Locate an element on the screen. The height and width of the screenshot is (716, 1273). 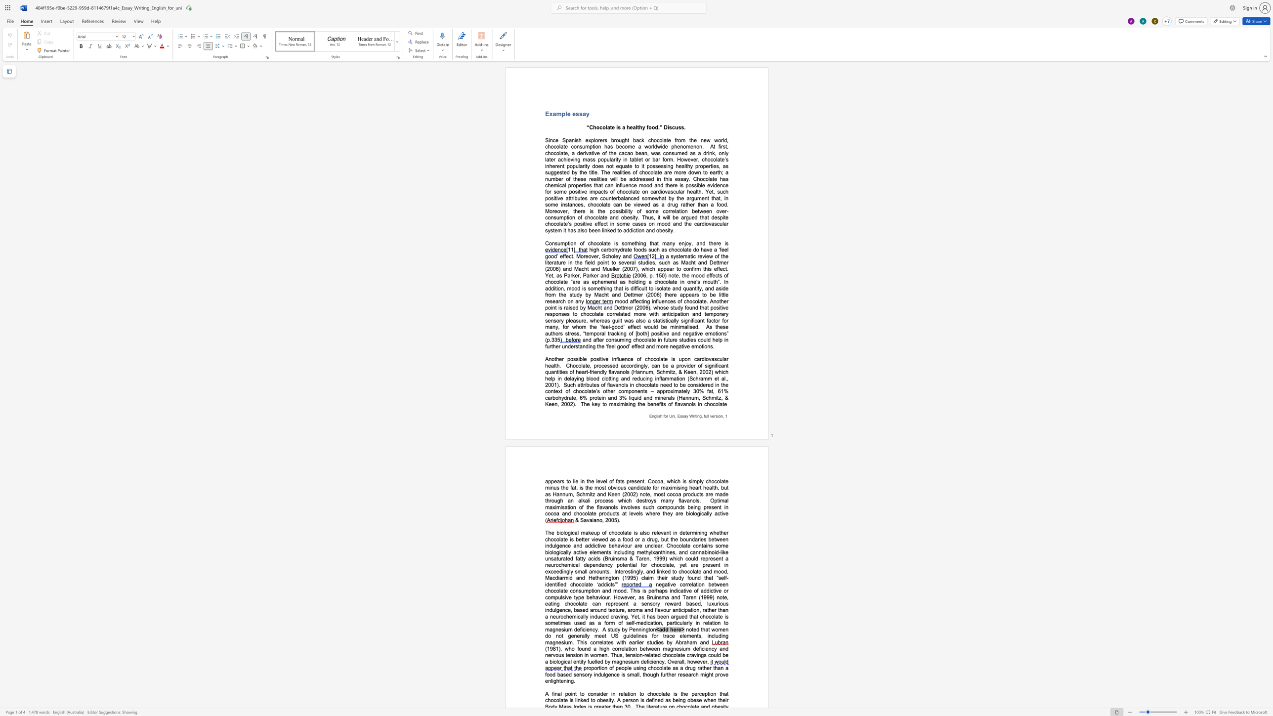
the space between the continuous character "s" and "t" in the text is located at coordinates (673, 578).